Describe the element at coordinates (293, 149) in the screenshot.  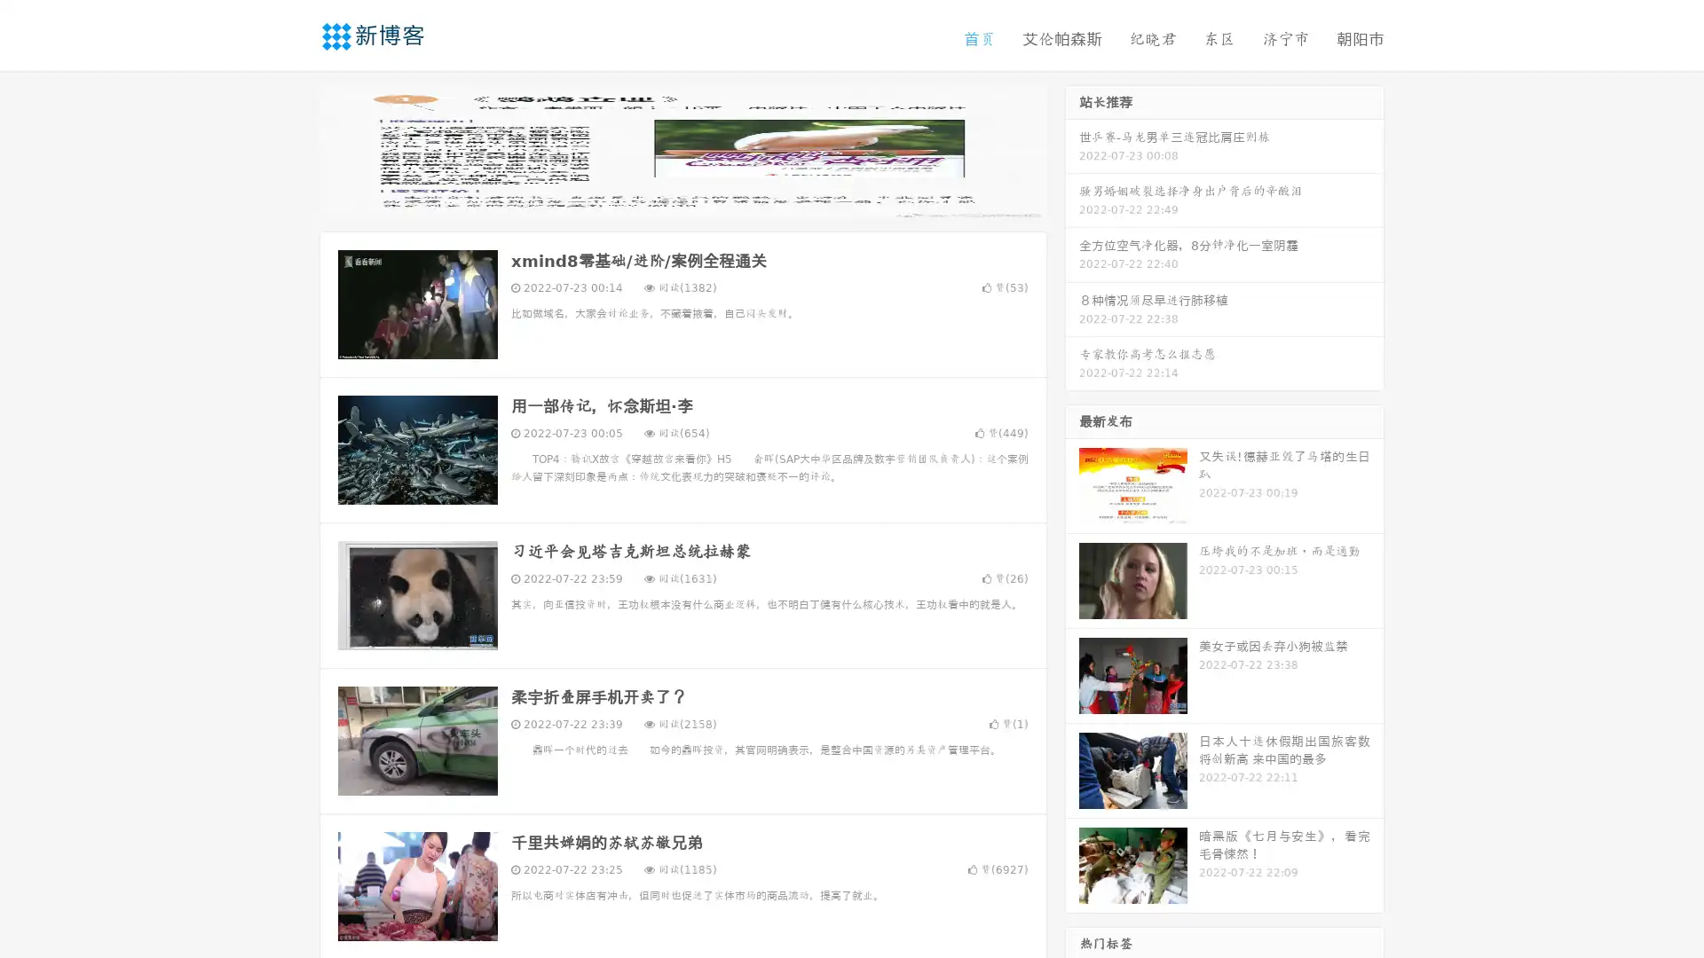
I see `Previous slide` at that location.